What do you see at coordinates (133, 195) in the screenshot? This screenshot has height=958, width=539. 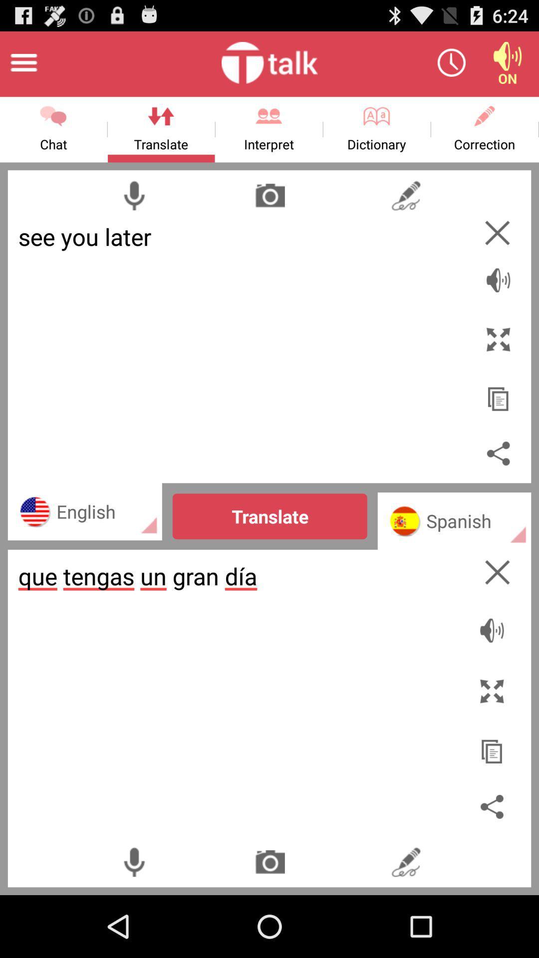 I see `record` at bounding box center [133, 195].